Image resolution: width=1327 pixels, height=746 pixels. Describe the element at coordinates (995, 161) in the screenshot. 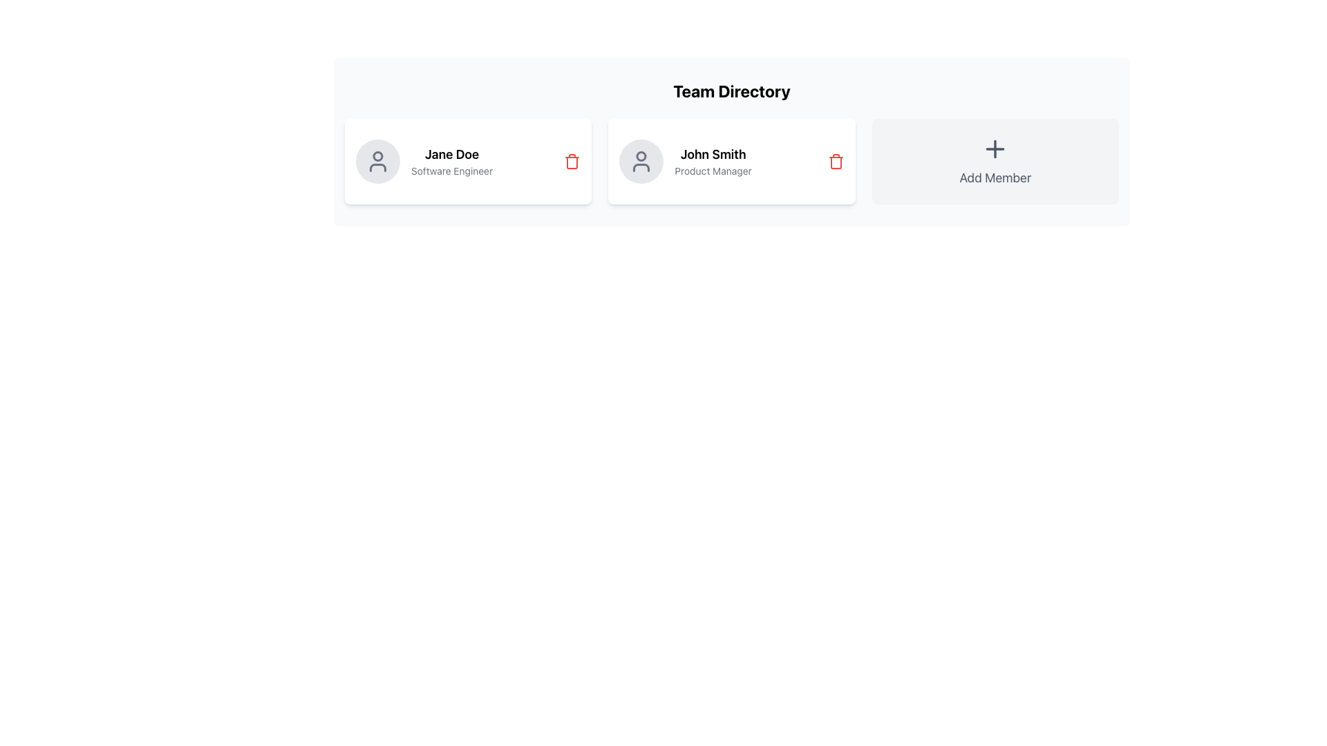

I see `the interactive button that allows users to add new members to the directory, located as the third item in the grid layout, to observe any visual changes` at that location.